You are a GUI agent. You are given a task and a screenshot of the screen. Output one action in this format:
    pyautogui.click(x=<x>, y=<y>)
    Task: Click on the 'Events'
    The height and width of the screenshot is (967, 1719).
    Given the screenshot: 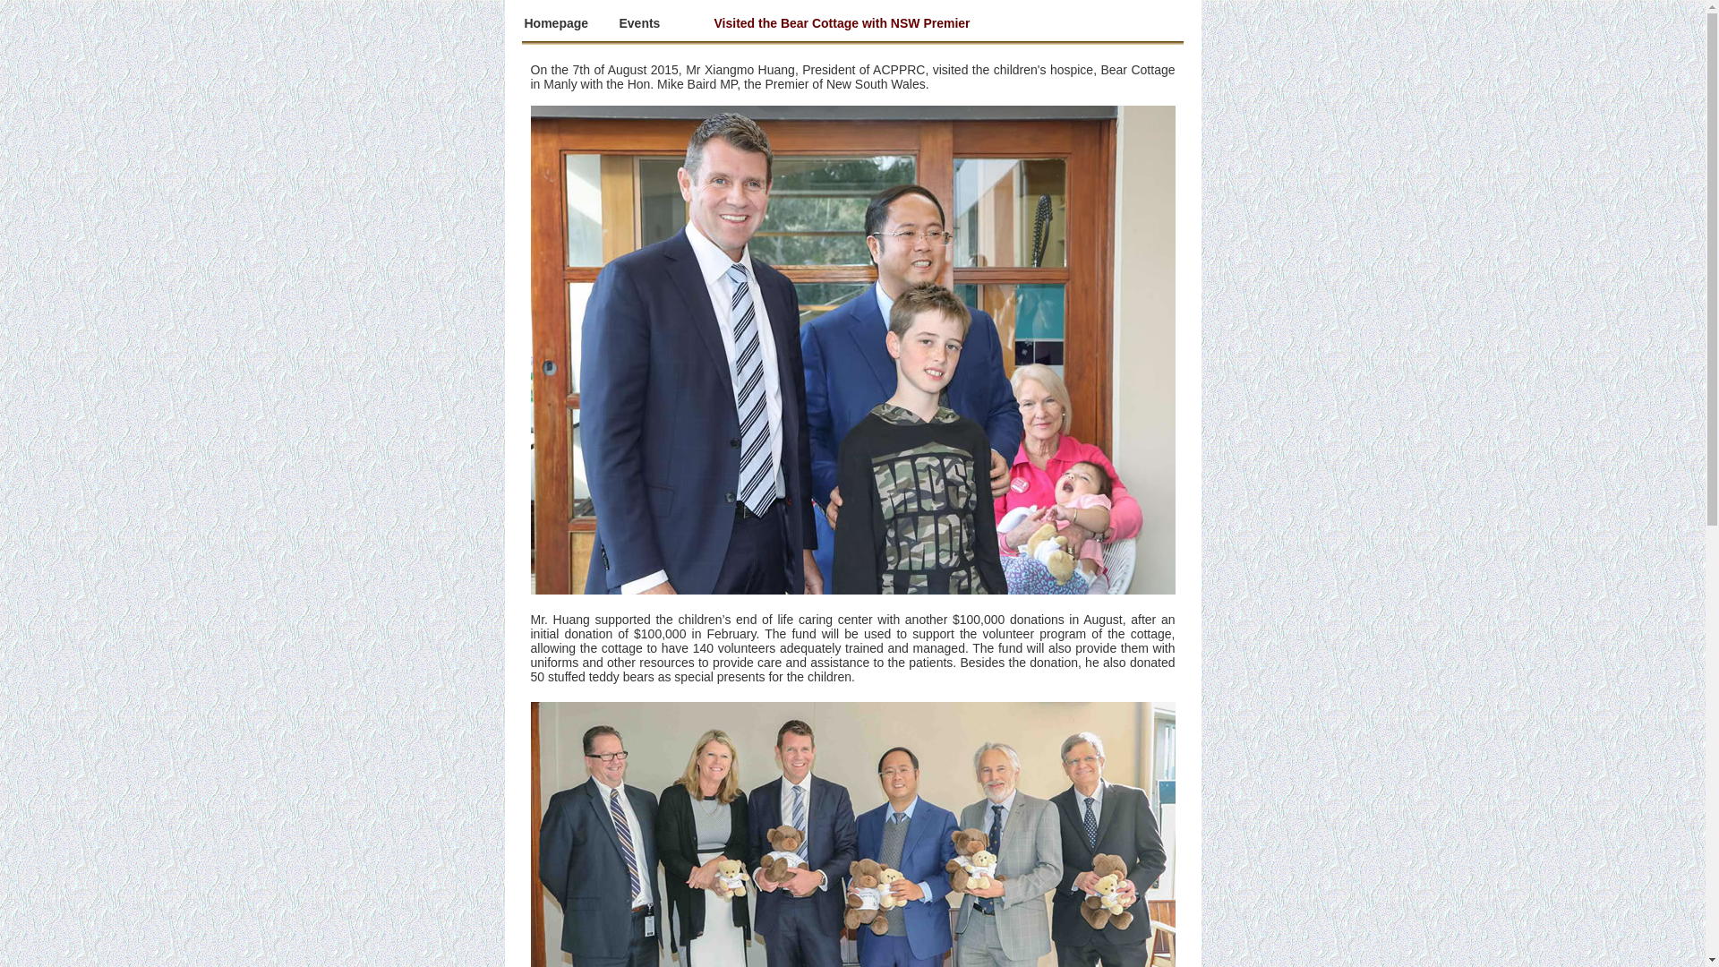 What is the action you would take?
    pyautogui.click(x=619, y=23)
    